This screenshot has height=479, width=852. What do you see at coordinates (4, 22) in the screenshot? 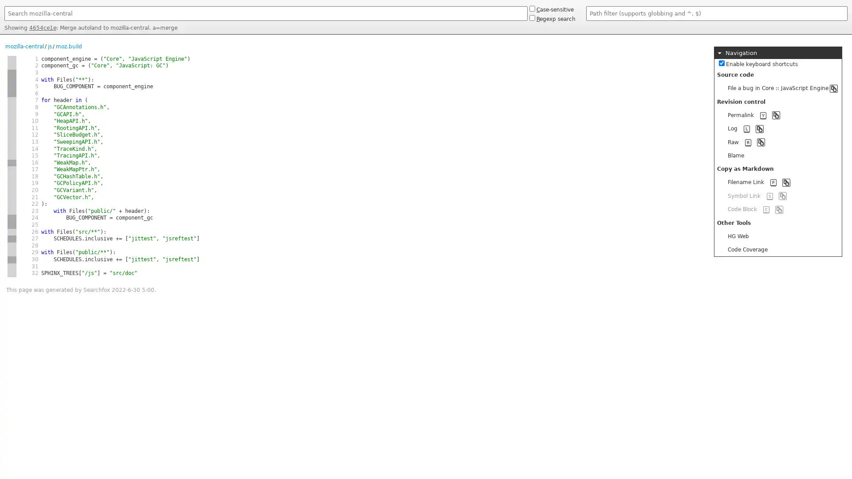
I see `Search` at bounding box center [4, 22].